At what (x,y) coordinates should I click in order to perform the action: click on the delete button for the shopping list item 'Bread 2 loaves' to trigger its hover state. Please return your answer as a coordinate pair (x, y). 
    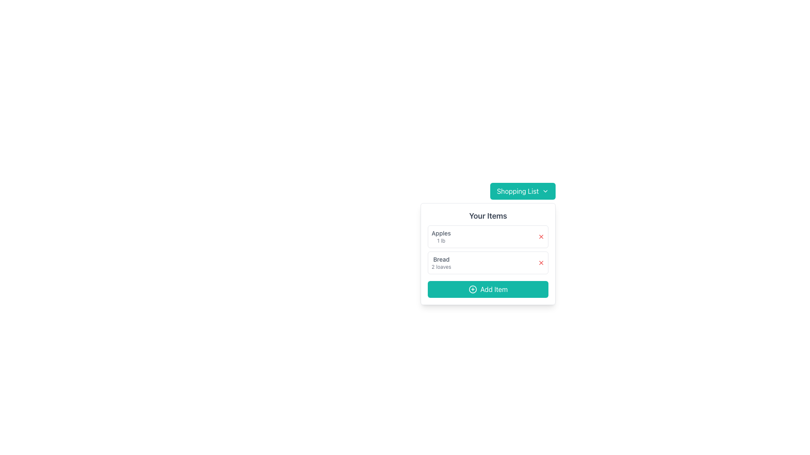
    Looking at the image, I should click on (541, 262).